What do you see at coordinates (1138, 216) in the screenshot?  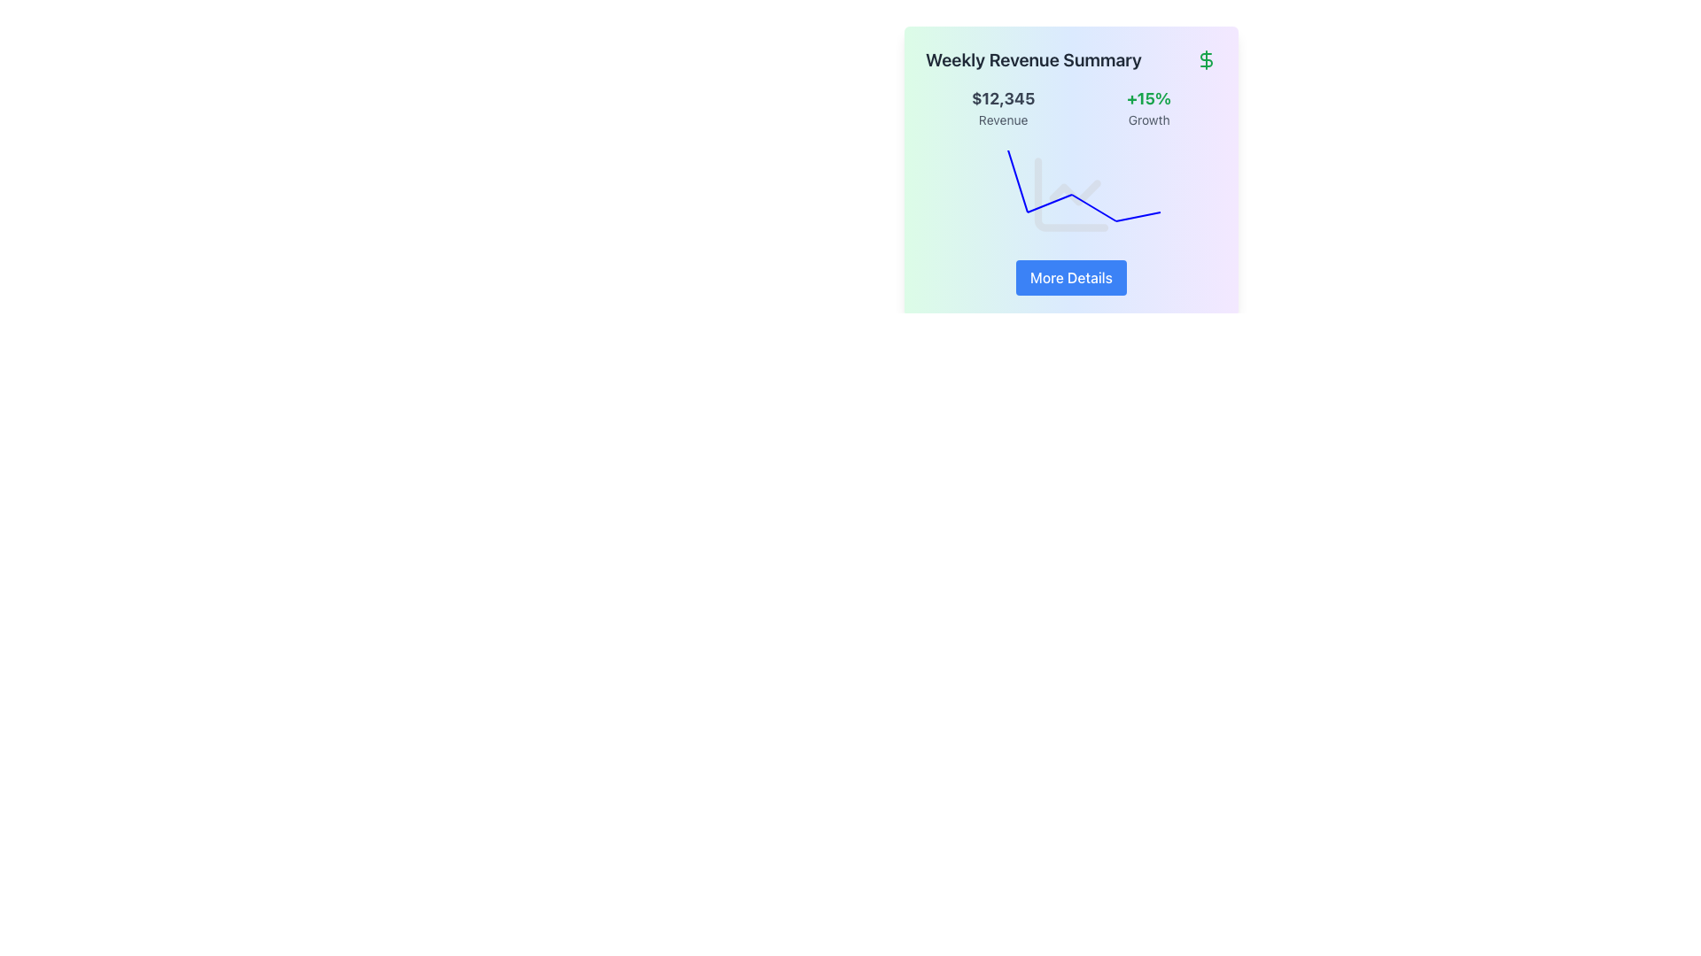 I see `fifth segment of the line chart that visualizes data trends for weekly revenue statistics by hovering over it` at bounding box center [1138, 216].